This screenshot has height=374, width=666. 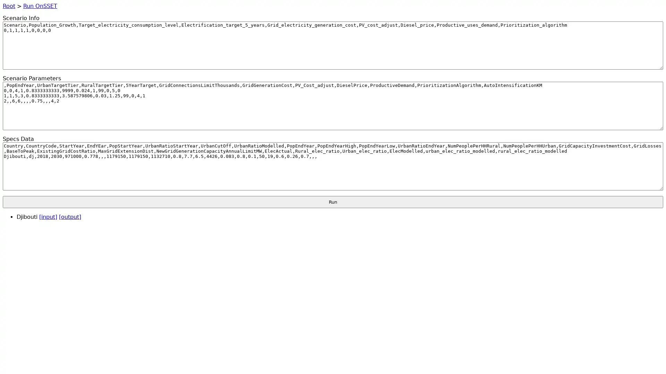 What do you see at coordinates (333, 202) in the screenshot?
I see `Run` at bounding box center [333, 202].